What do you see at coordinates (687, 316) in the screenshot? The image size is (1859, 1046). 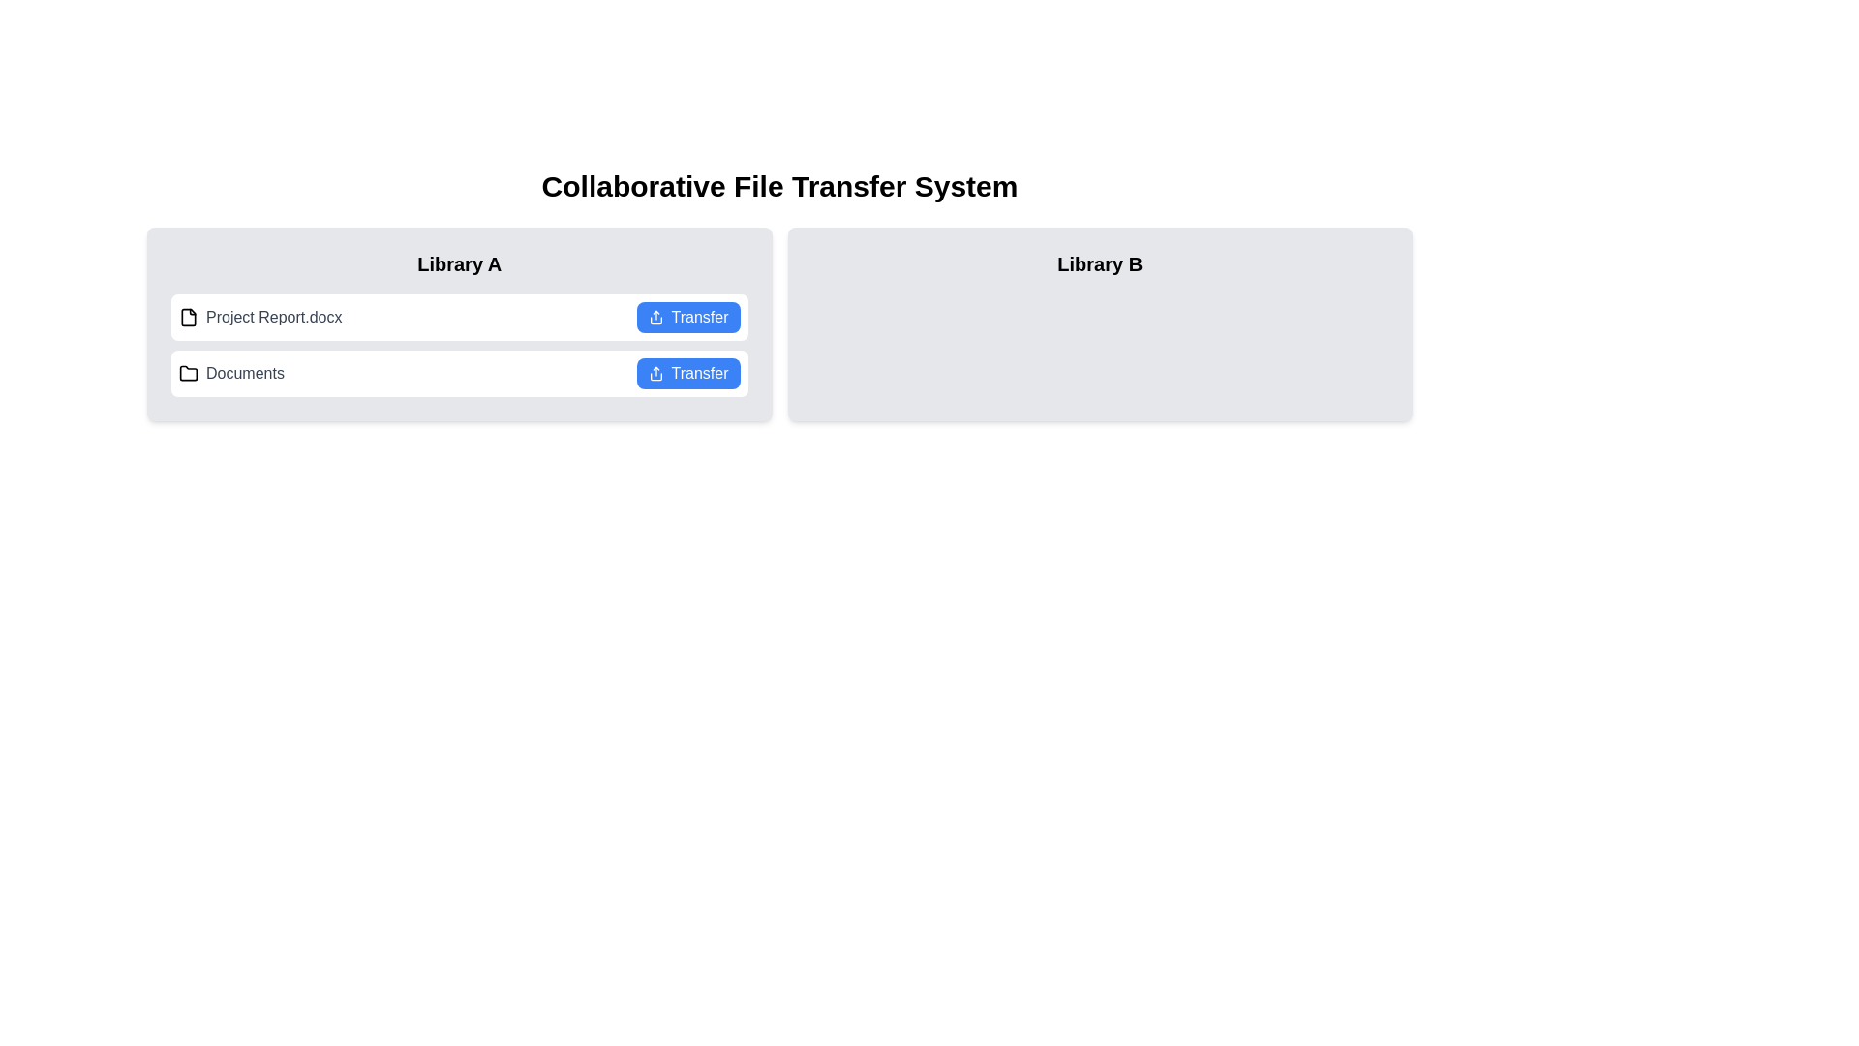 I see `the bright blue 'Transfer' button with white text and a share arrow icon located in the top right corner of the item row aligned with 'Project Report.docx' to initiate the transfer action` at bounding box center [687, 316].